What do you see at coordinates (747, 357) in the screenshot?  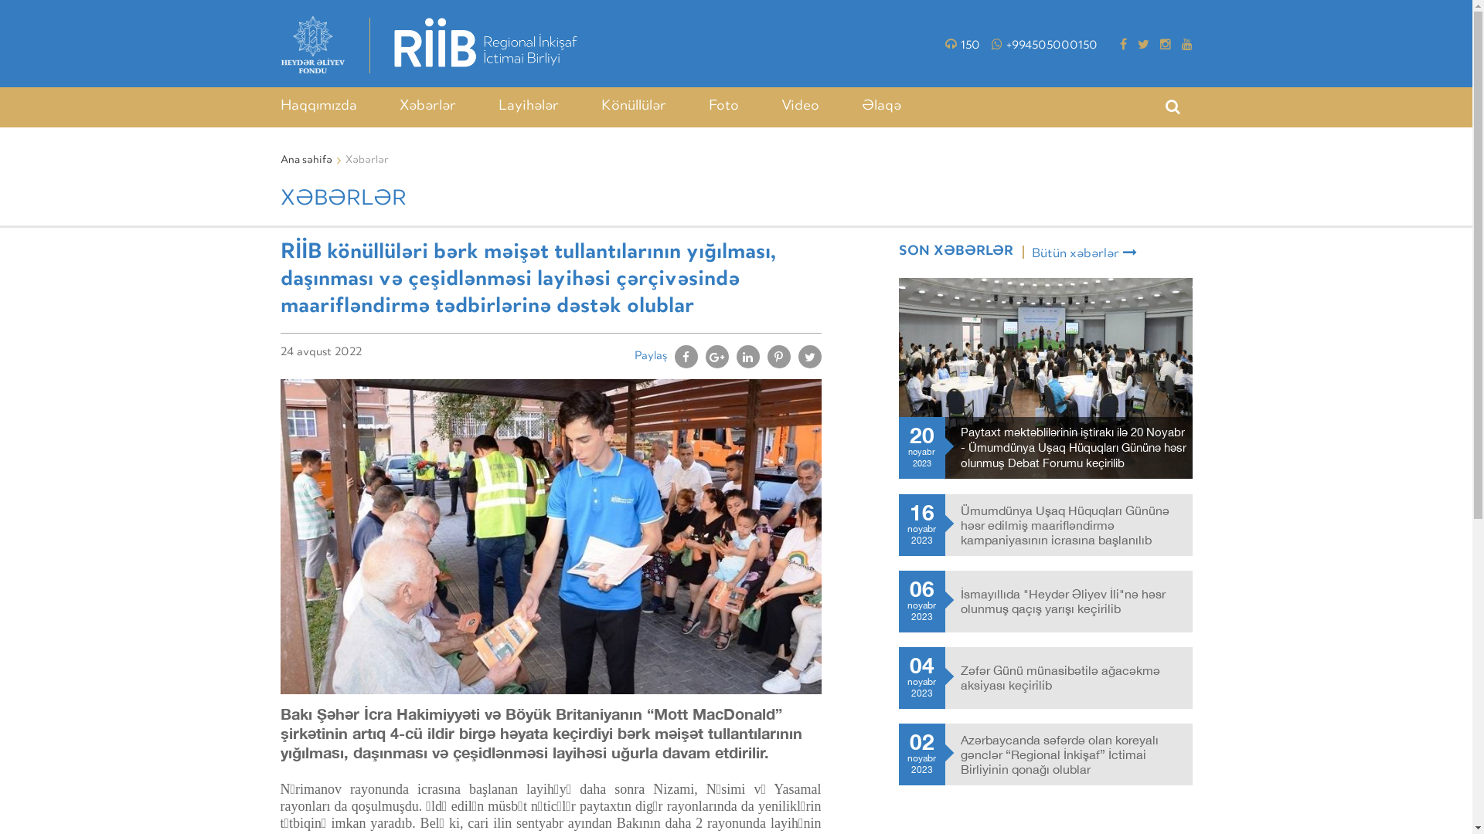 I see `'Share on Linkedin'` at bounding box center [747, 357].